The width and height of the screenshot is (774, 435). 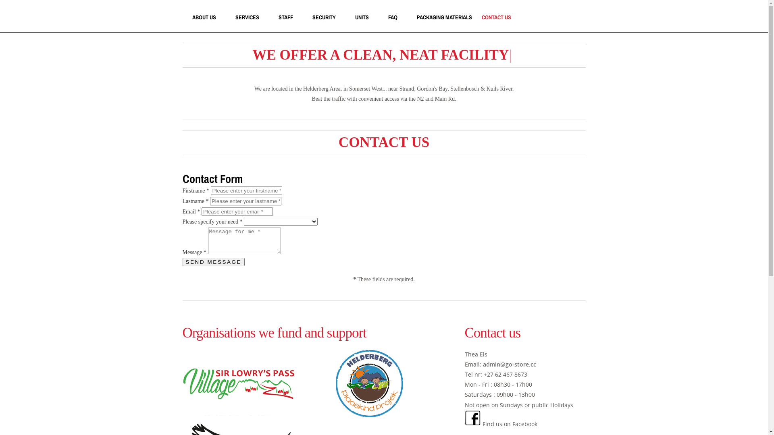 What do you see at coordinates (495, 17) in the screenshot?
I see `'CONTACT US'` at bounding box center [495, 17].